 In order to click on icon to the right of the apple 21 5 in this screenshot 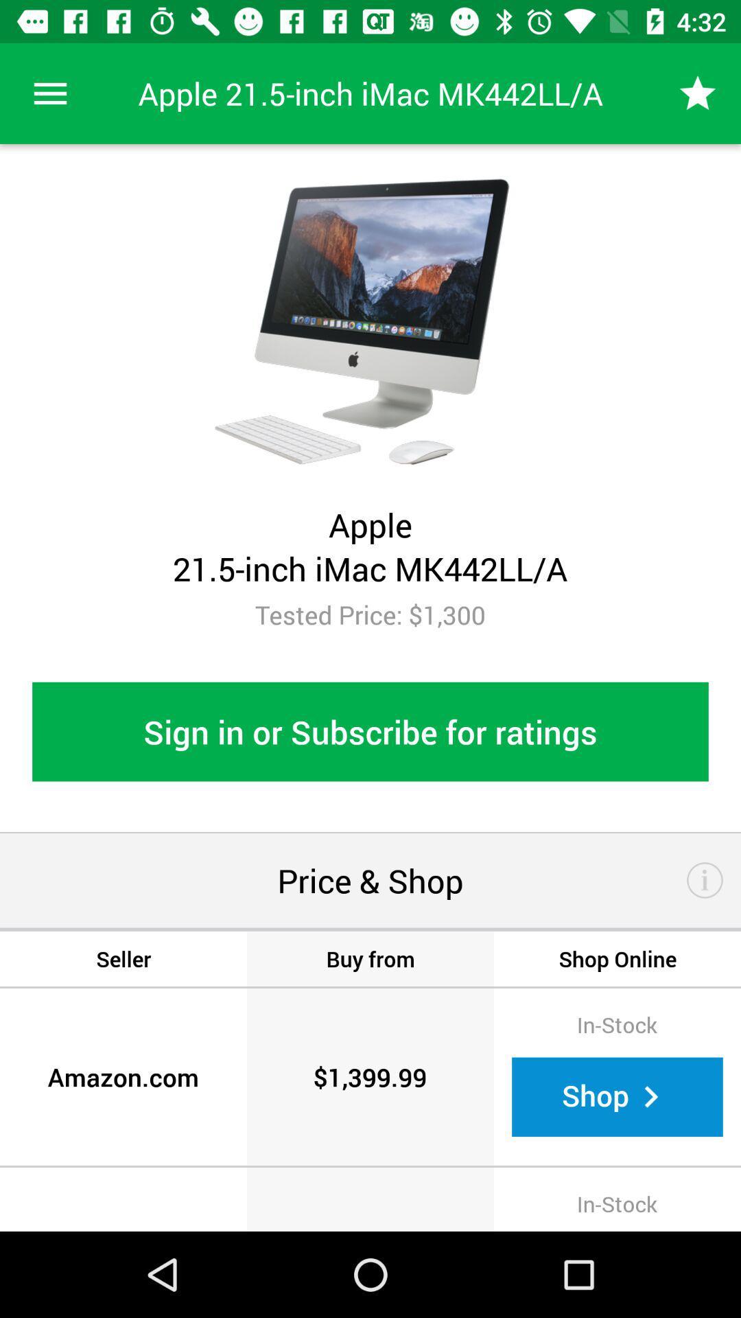, I will do `click(698, 93)`.